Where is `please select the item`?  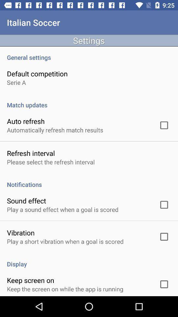
please select the item is located at coordinates (50, 161).